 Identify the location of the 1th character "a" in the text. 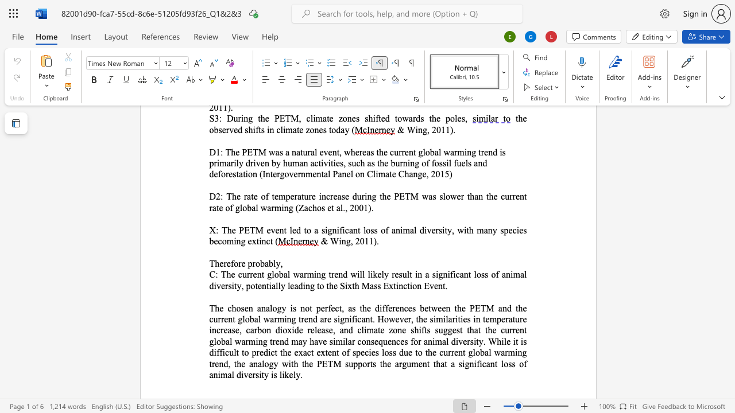
(285, 274).